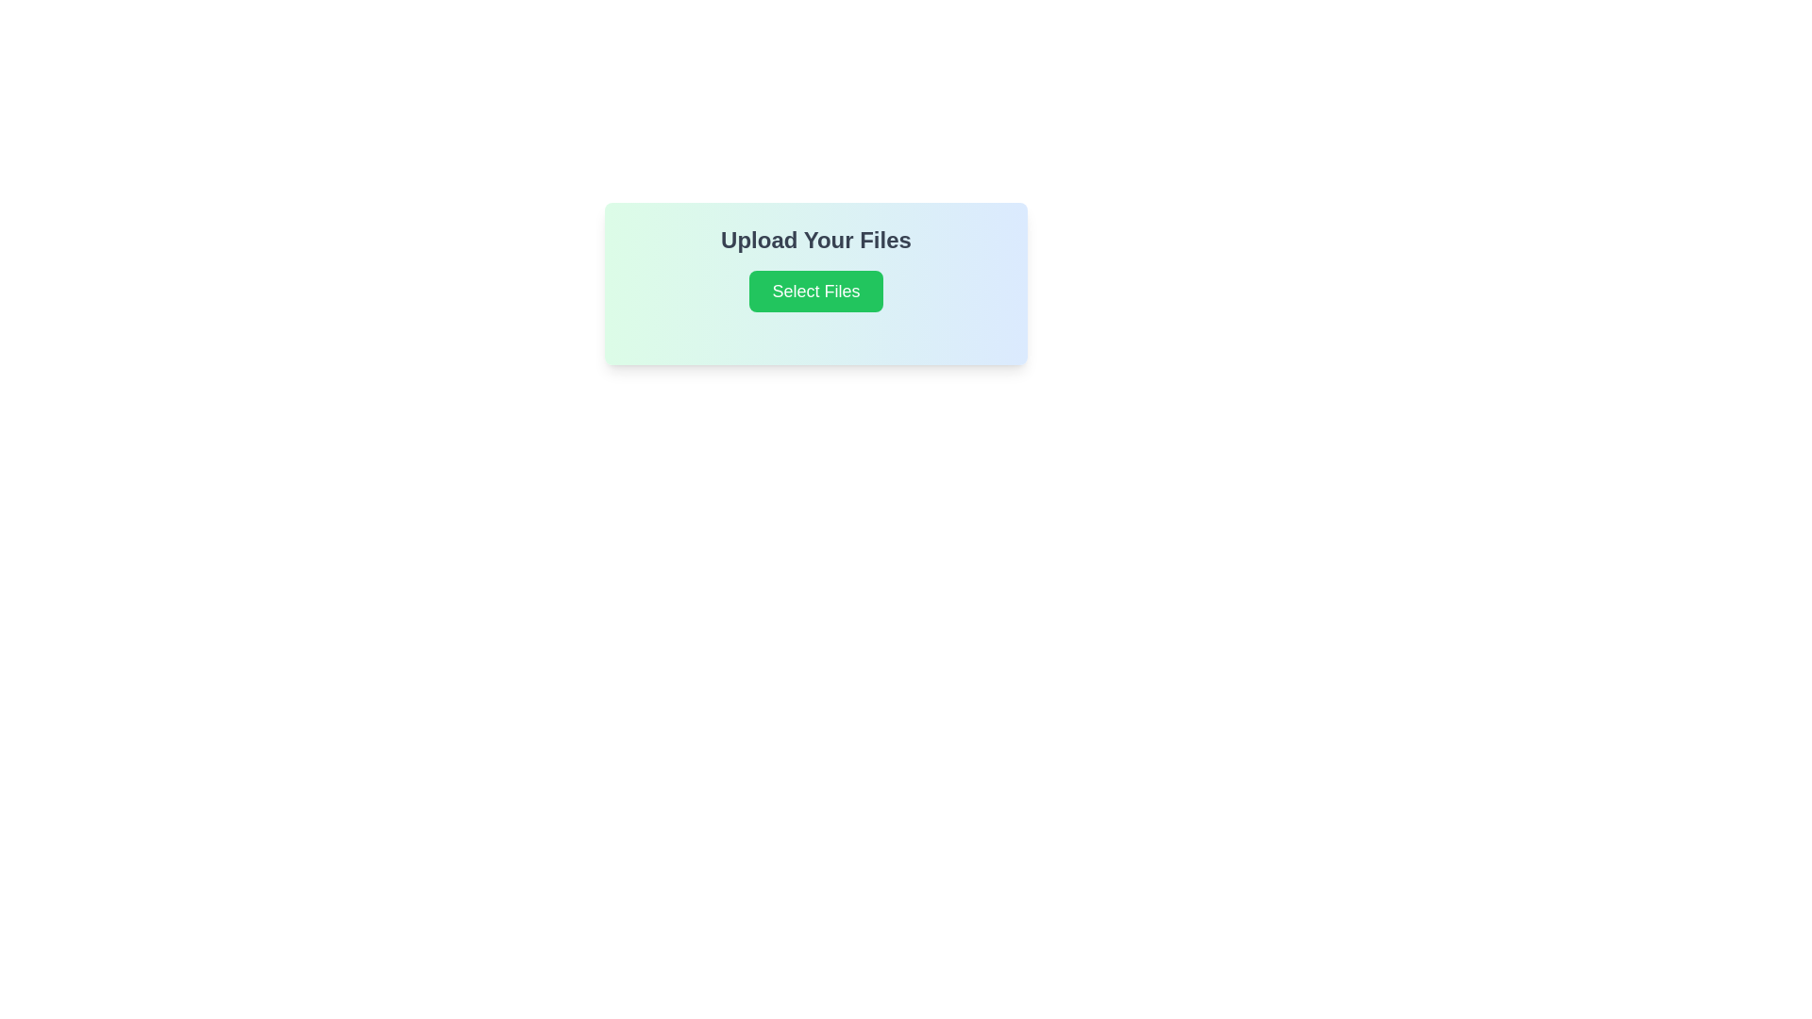 Image resolution: width=1812 pixels, height=1019 pixels. What do you see at coordinates (815, 291) in the screenshot?
I see `the file selection button located centrally below the 'Upload Your Files' text to observe a style change` at bounding box center [815, 291].